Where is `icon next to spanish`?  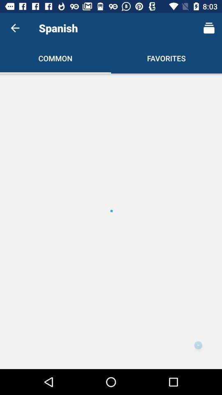
icon next to spanish is located at coordinates (209, 28).